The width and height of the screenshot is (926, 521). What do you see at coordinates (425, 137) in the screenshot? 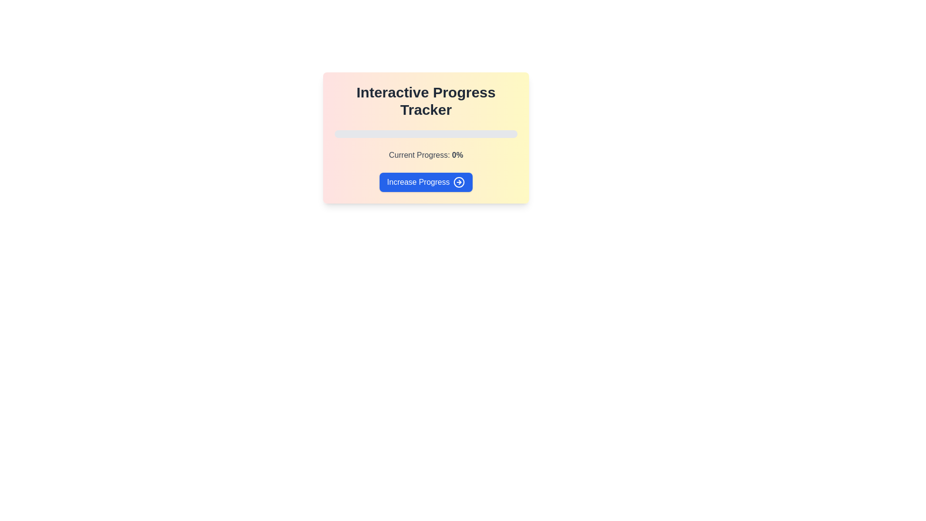
I see `the Interactive Progress Tracker component` at bounding box center [425, 137].